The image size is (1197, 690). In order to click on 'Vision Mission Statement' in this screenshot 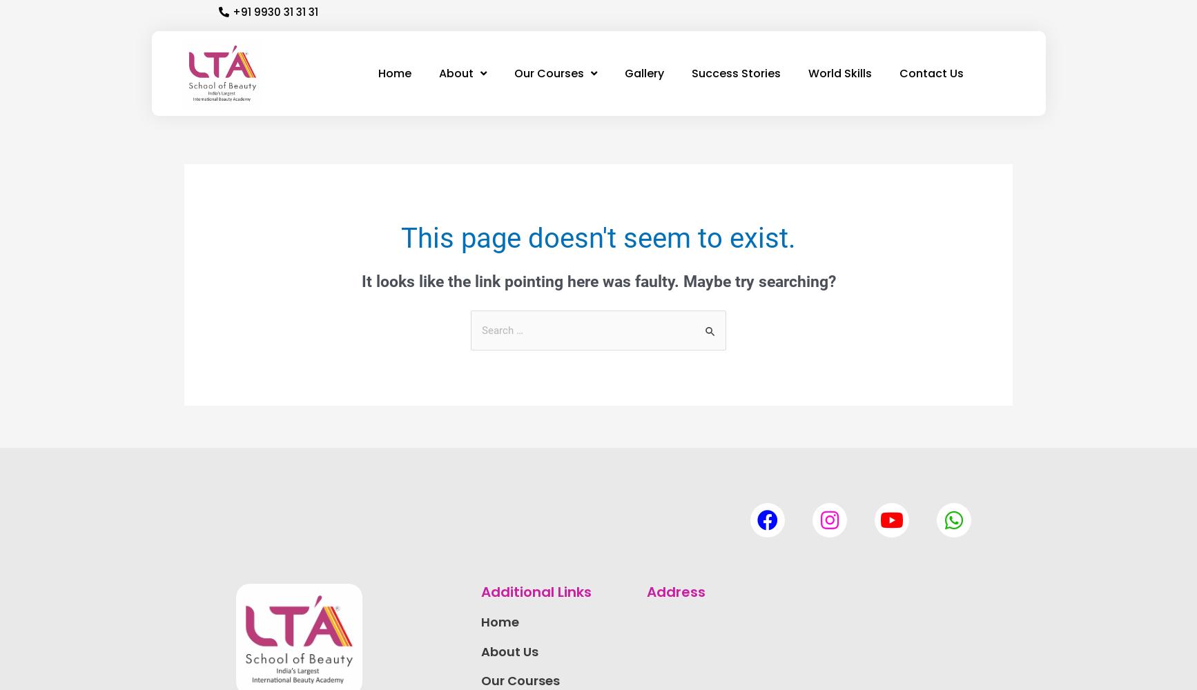, I will do `click(494, 175)`.